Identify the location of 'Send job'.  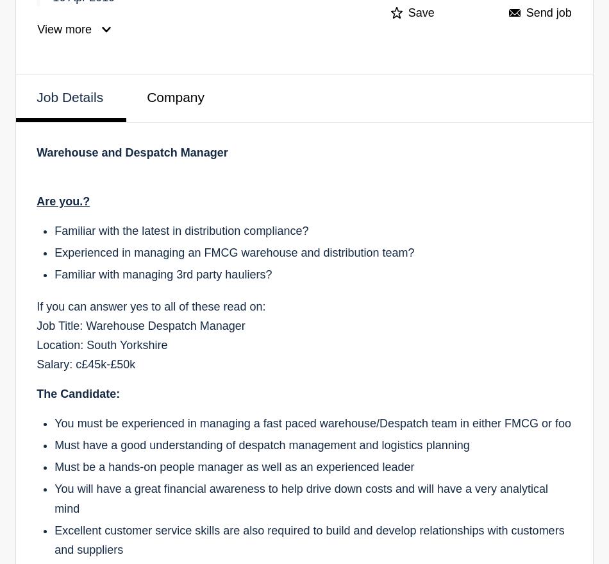
(547, 12).